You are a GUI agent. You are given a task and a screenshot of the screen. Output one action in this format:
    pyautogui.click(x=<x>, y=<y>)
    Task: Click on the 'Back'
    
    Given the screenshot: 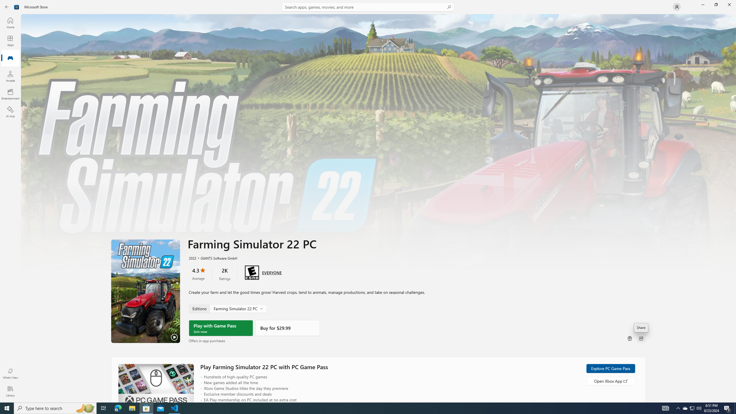 What is the action you would take?
    pyautogui.click(x=7, y=6)
    